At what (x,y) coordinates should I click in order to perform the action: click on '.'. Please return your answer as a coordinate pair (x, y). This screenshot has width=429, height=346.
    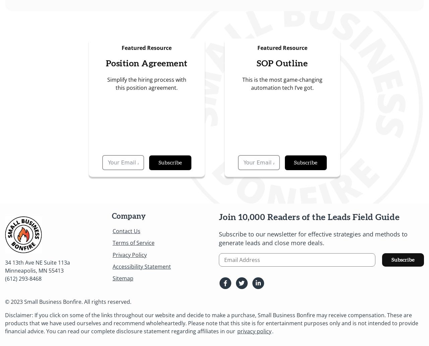
    Looking at the image, I should click on (272, 331).